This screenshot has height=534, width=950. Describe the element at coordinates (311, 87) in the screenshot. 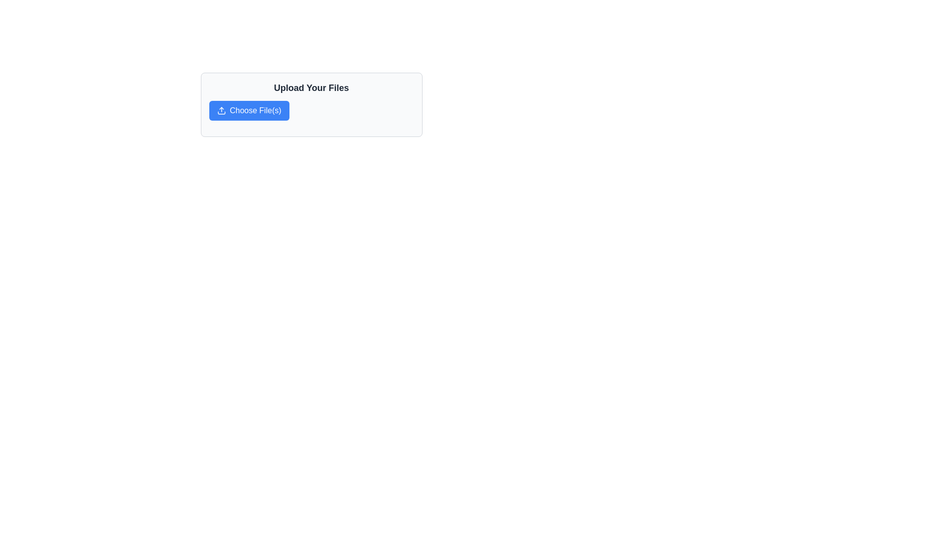

I see `the heading text that serves as the title for the file upload section, located at the top-center of the card, above the 'Choose File(s)' button` at that location.